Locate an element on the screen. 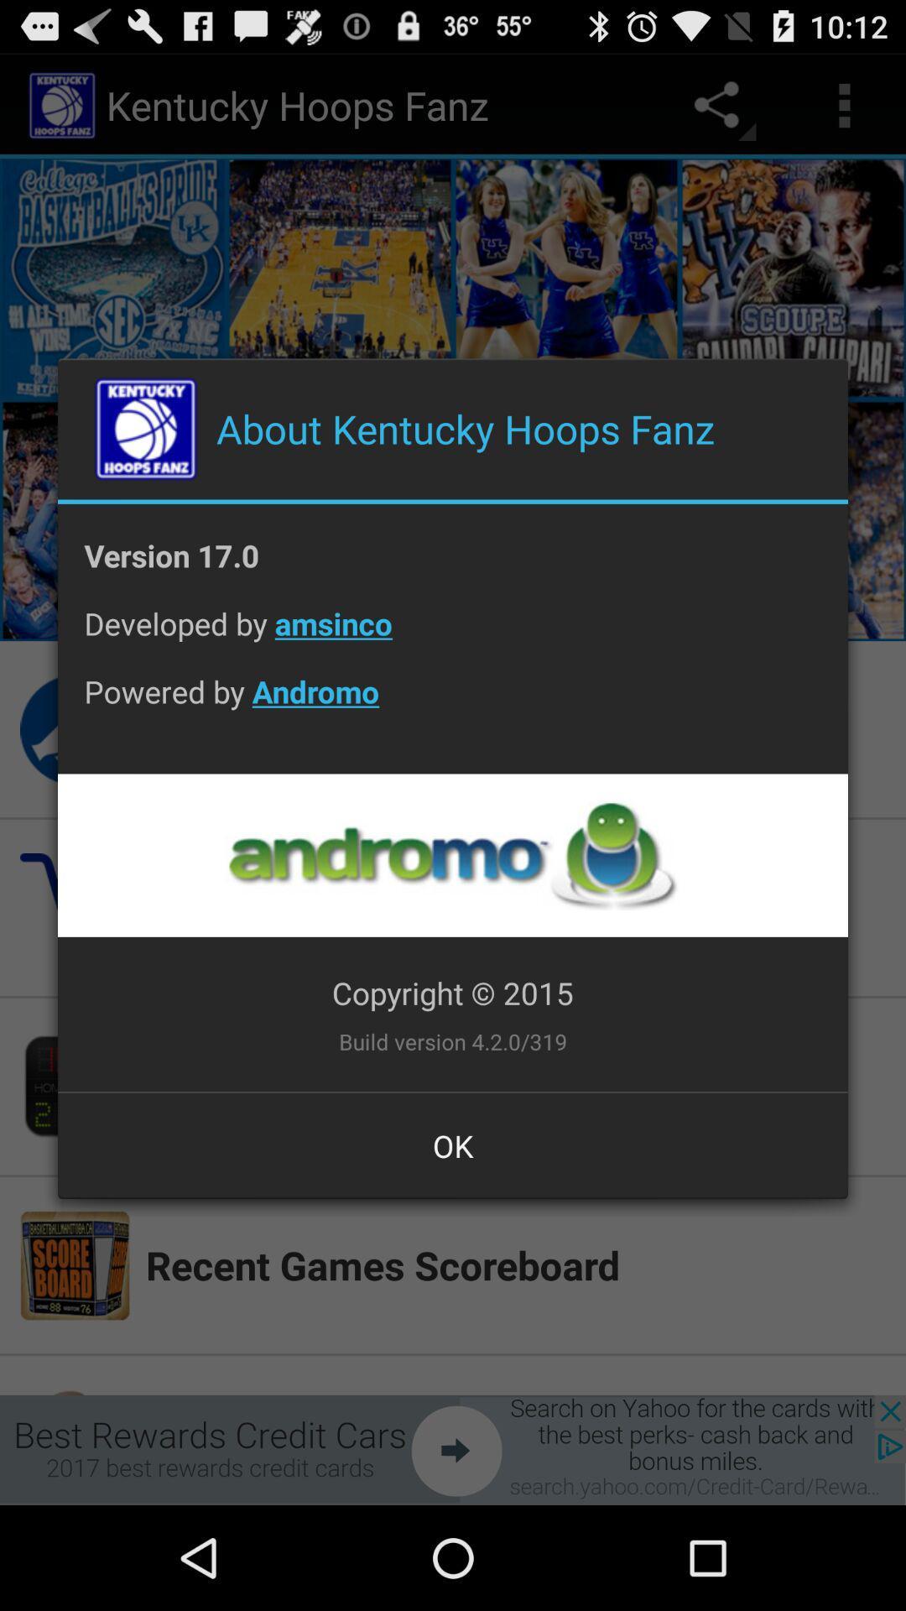 The image size is (906, 1611). ok at the bottom is located at coordinates (453, 1144).